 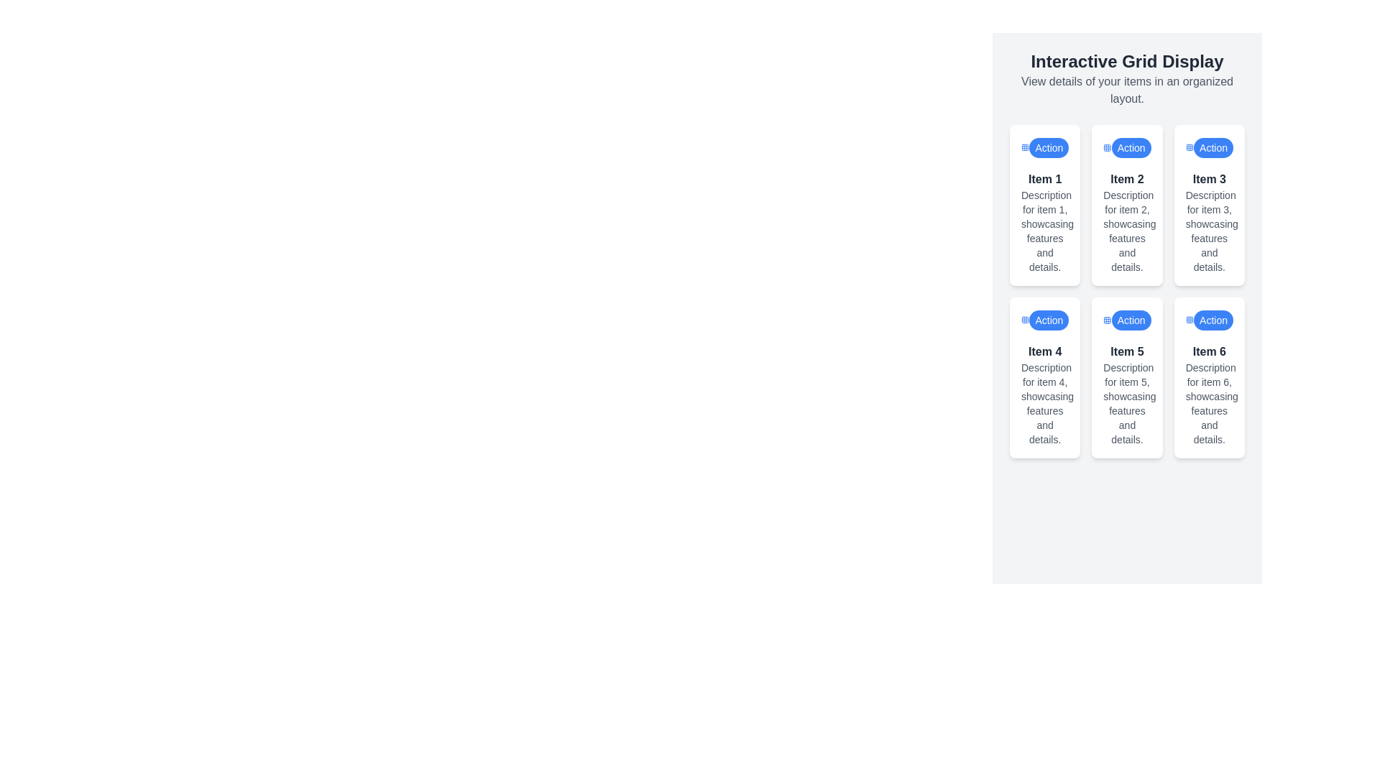 What do you see at coordinates (1208, 205) in the screenshot?
I see `the third card in the top row of the three-column grid layout that displays details about 'Item 3'` at bounding box center [1208, 205].